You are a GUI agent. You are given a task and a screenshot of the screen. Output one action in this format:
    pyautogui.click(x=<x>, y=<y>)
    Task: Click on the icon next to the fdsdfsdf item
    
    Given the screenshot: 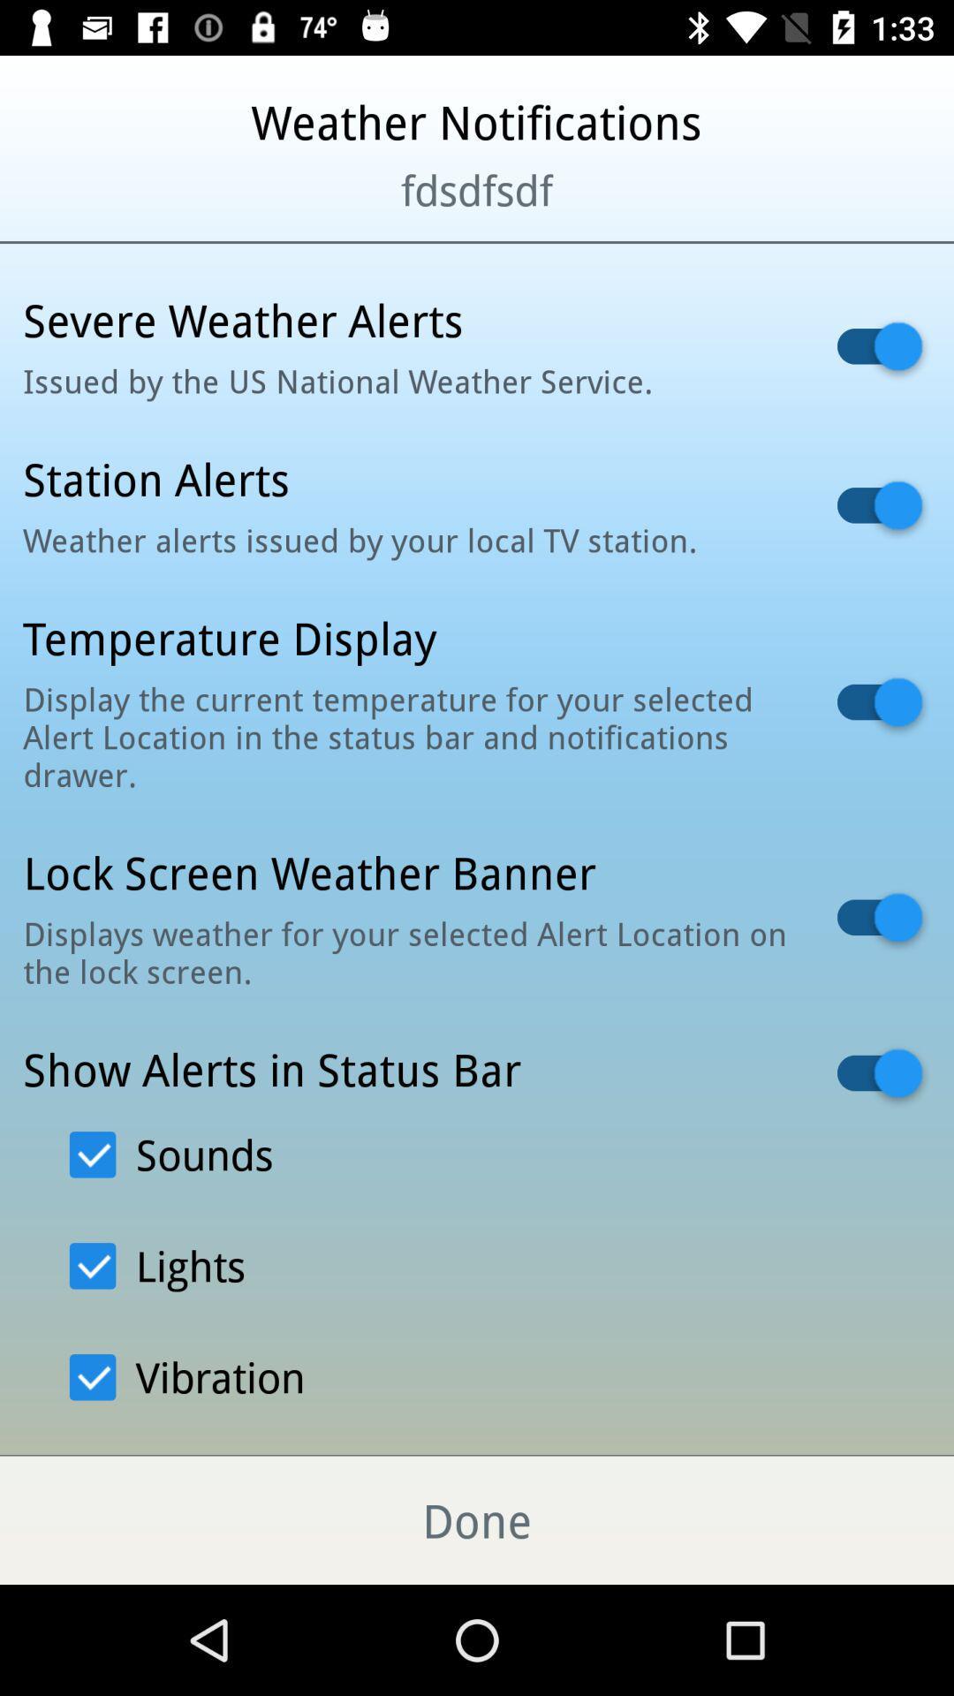 What is the action you would take?
    pyautogui.click(x=116, y=212)
    